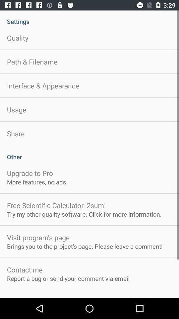  Describe the element at coordinates (37, 182) in the screenshot. I see `the item above the free scientific calculator` at that location.